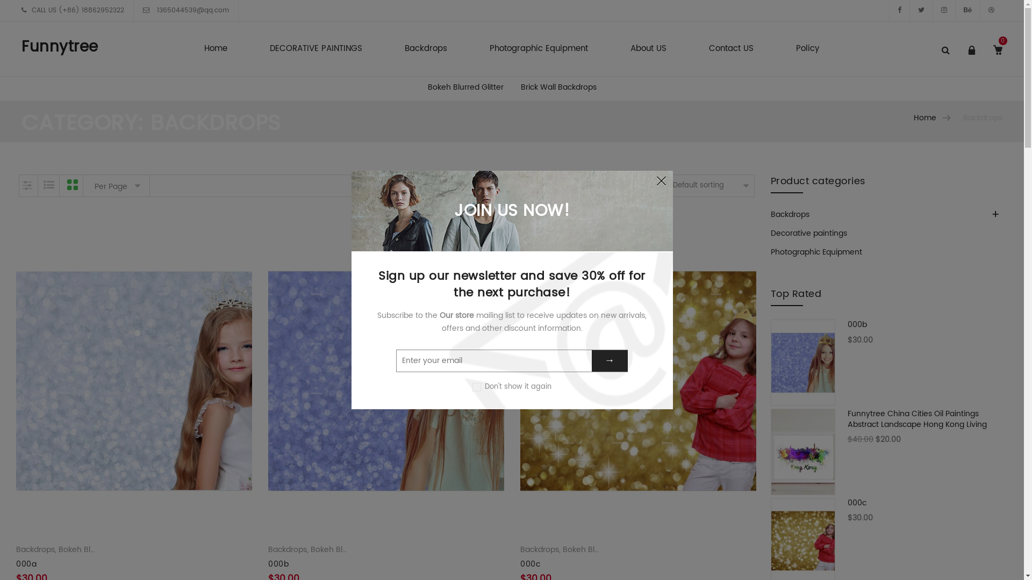 This screenshot has height=580, width=1032. Describe the element at coordinates (59, 47) in the screenshot. I see `'Funnytree'` at that location.